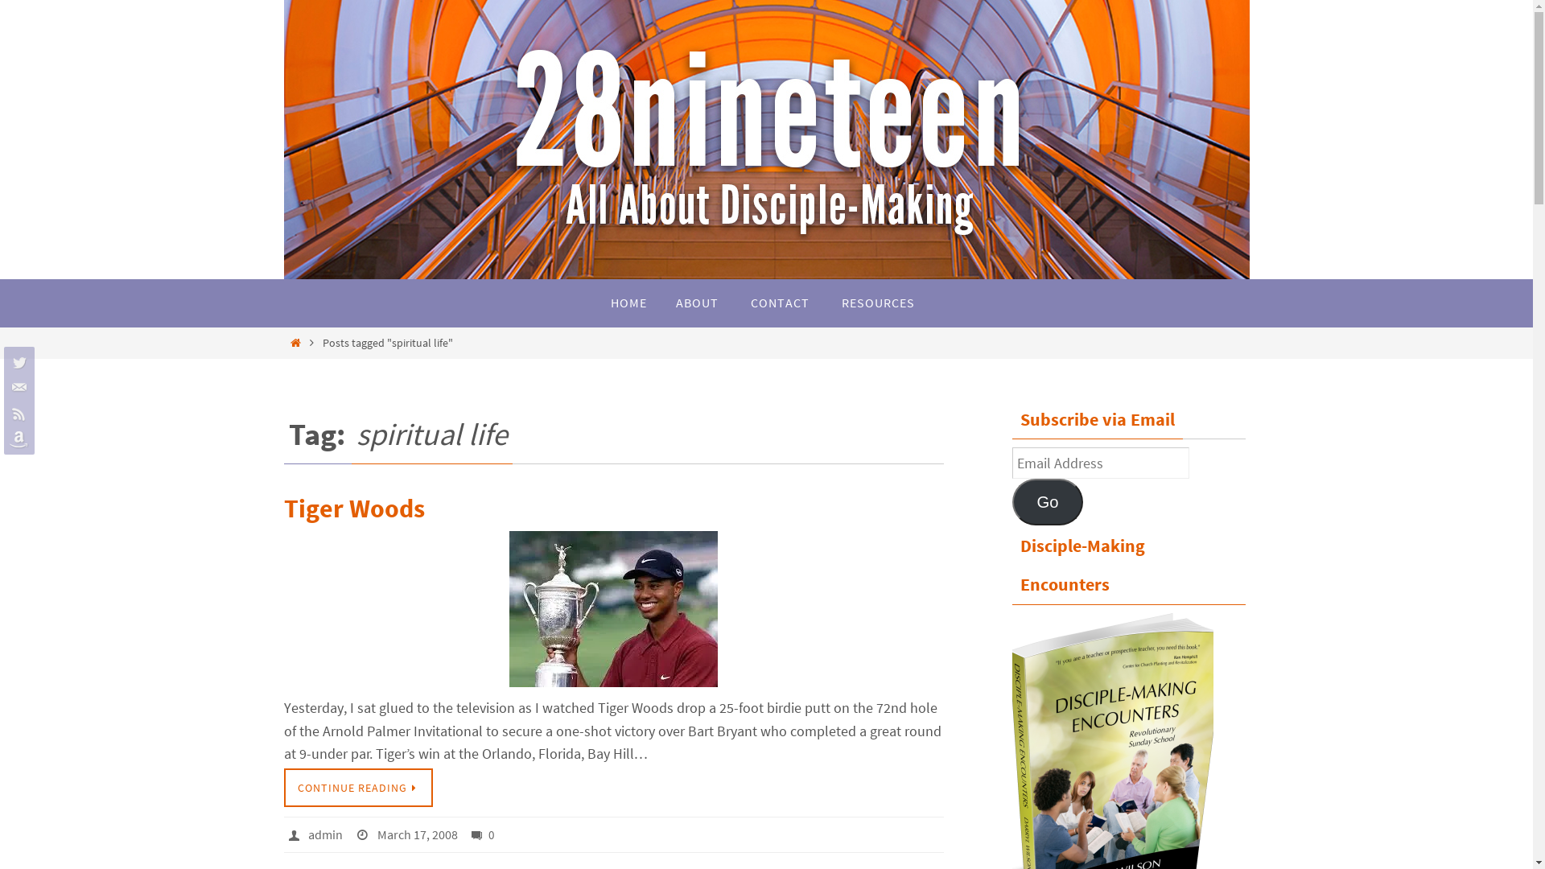 This screenshot has height=869, width=1545. What do you see at coordinates (16, 388) in the screenshot?
I see `'Send me an email'` at bounding box center [16, 388].